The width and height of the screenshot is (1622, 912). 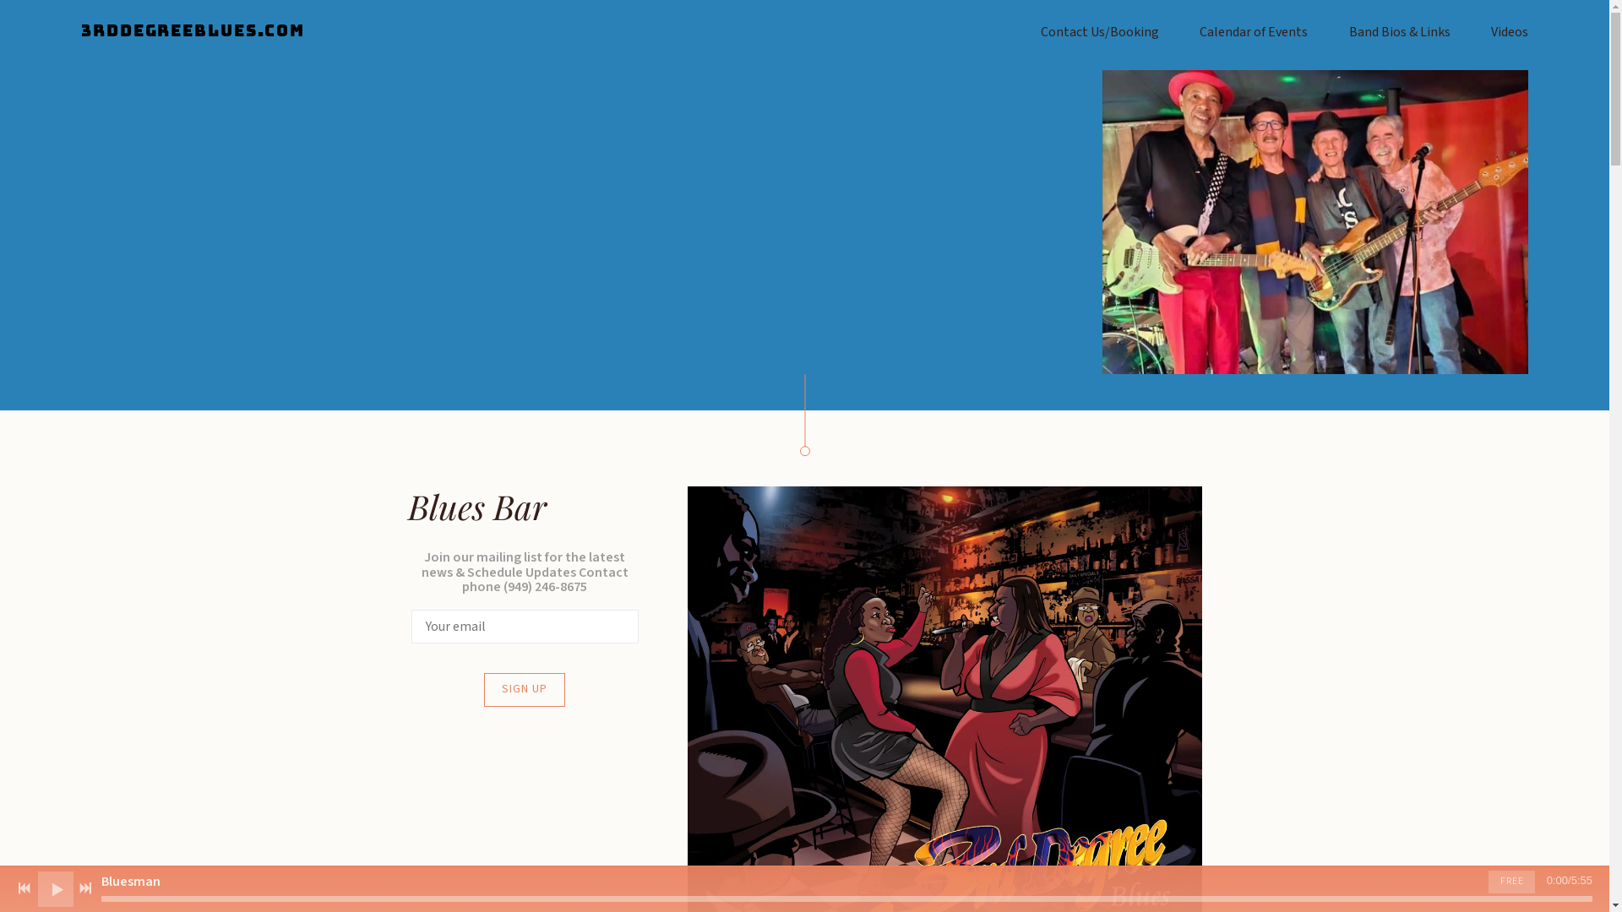 I want to click on 'Calendar of Events', so click(x=1253, y=32).